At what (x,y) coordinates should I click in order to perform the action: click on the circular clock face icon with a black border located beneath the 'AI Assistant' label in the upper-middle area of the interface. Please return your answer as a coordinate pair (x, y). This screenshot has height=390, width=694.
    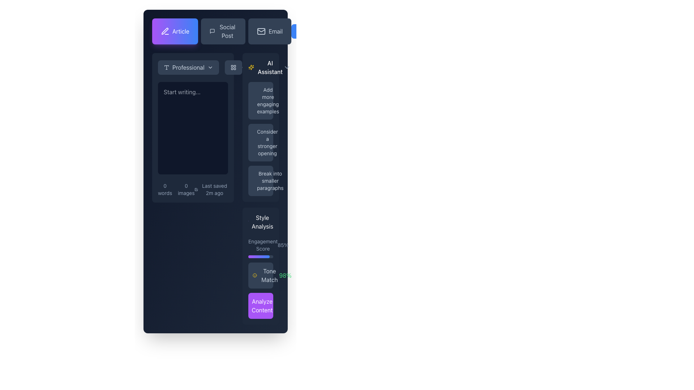
    Looking at the image, I should click on (244, 67).